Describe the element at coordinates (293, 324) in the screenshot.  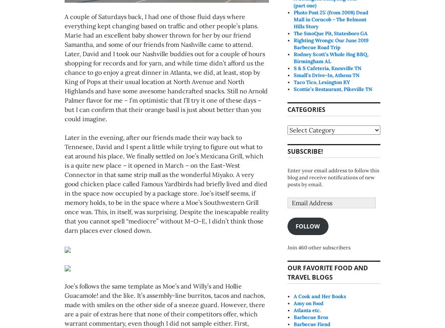
I see `'Barbecue Fiend'` at that location.